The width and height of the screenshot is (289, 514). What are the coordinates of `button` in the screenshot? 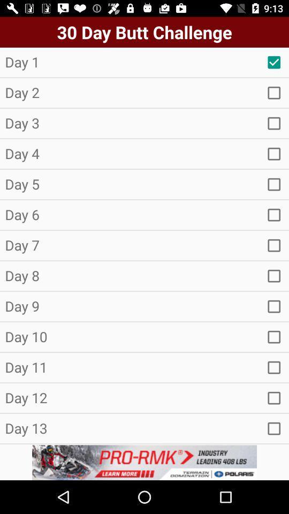 It's located at (274, 367).